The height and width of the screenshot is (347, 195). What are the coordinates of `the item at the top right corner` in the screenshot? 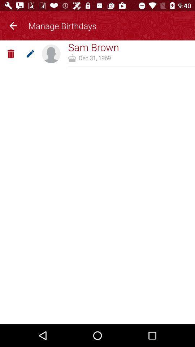 It's located at (131, 67).